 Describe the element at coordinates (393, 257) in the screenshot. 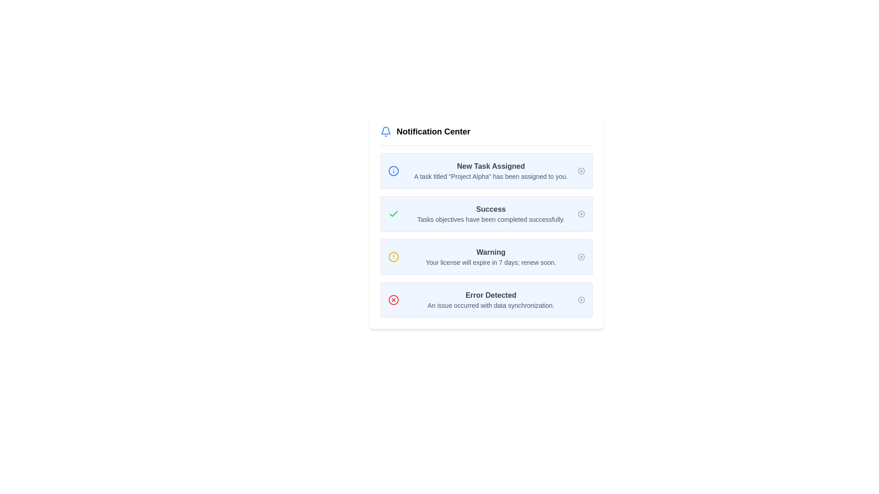

I see `the third notification icon in the Notification Center panel, which represents a warning notification and is located to the left of the text labeled 'Warning'` at that location.